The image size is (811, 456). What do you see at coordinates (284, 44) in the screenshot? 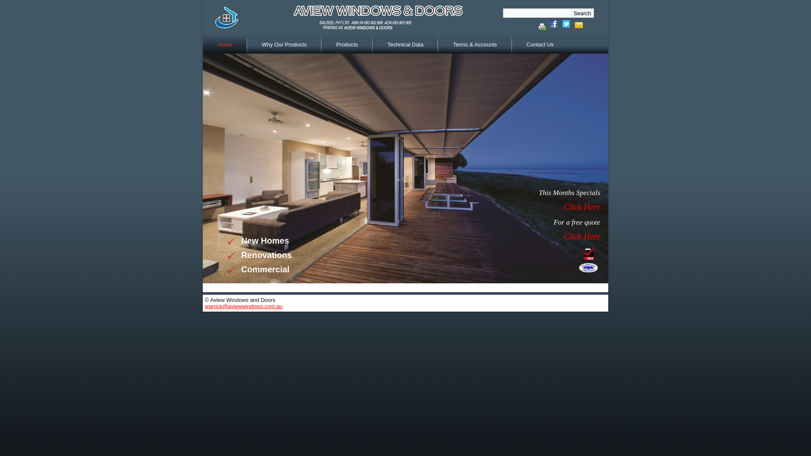
I see `'Why Our Products'` at bounding box center [284, 44].